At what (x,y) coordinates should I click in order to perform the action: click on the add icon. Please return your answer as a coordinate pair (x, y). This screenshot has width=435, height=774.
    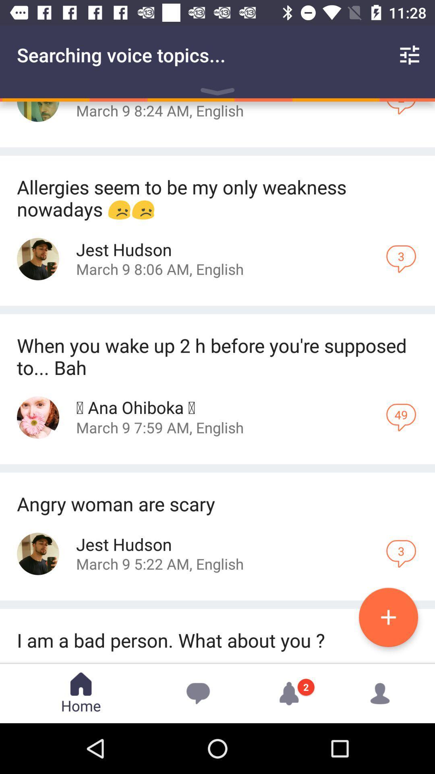
    Looking at the image, I should click on (388, 617).